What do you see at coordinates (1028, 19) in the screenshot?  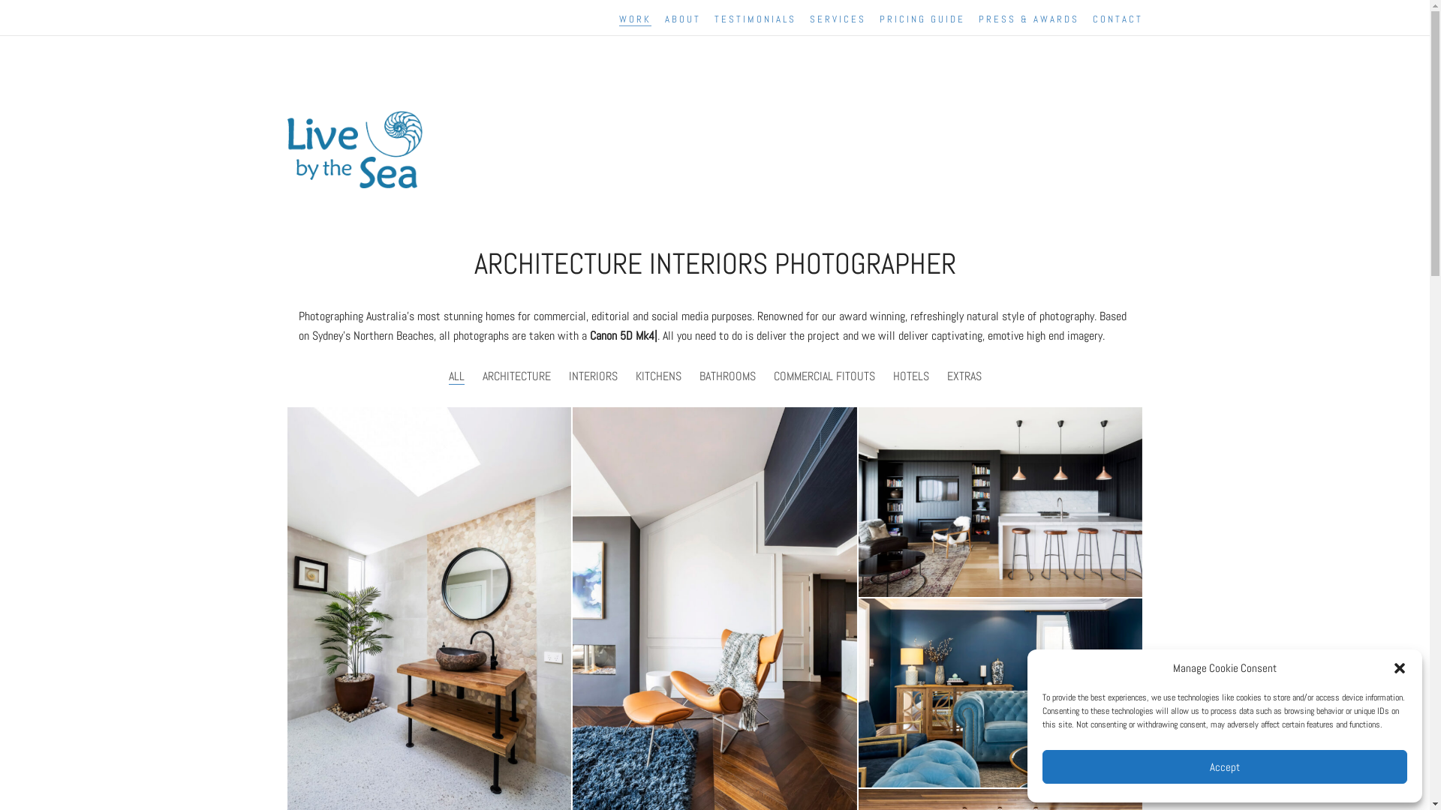 I see `'PRESS & AWARDS'` at bounding box center [1028, 19].